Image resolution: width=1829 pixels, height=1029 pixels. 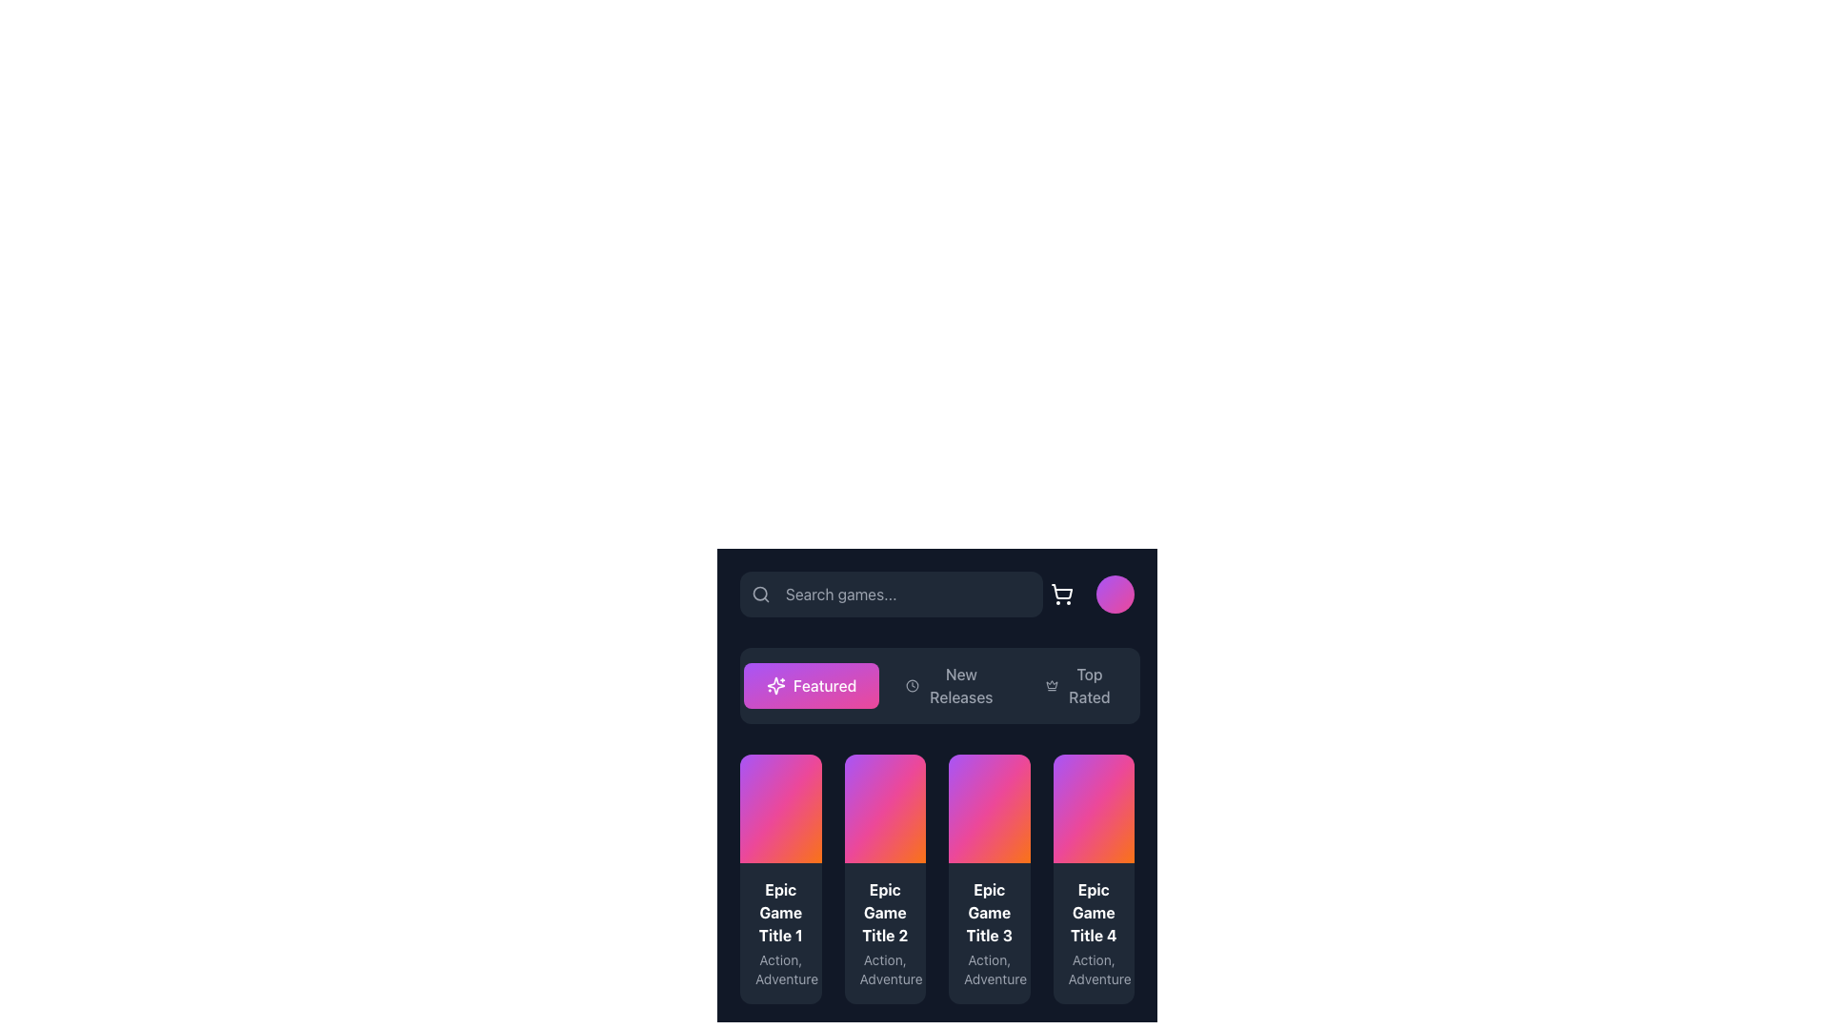 I want to click on the dark rectangular text display area at the bottom of the first card, which contains the title 'Epic Game Title 1' and the text 'Action, Adventure', so click(x=780, y=884).